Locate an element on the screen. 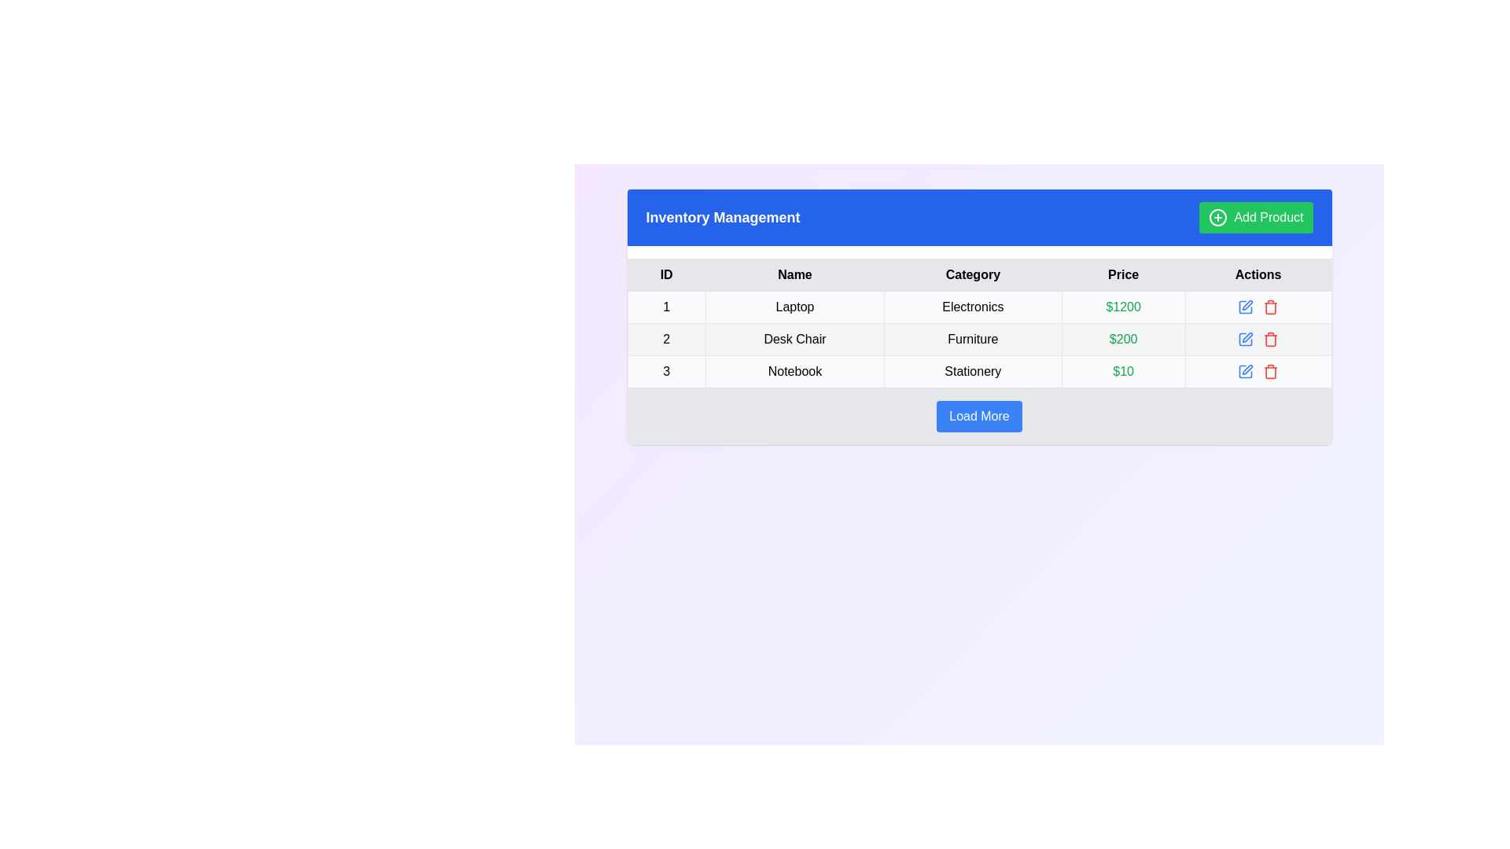 This screenshot has width=1510, height=849. the price display text label for the 'Notebook' item in the fourth column of the third row of the table is located at coordinates (1122, 372).